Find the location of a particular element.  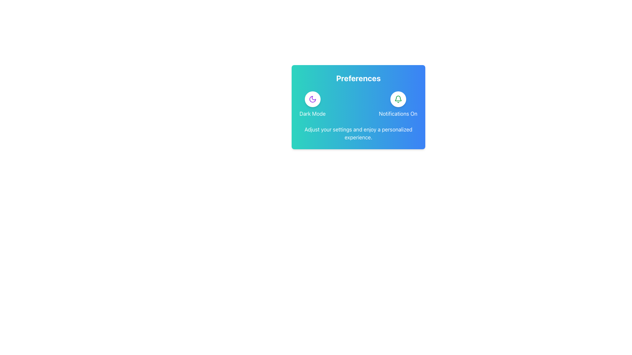

the 'Notifications On' icon located to the right of the 'Dark Mode' element in the 'Preferences' section is located at coordinates (398, 104).